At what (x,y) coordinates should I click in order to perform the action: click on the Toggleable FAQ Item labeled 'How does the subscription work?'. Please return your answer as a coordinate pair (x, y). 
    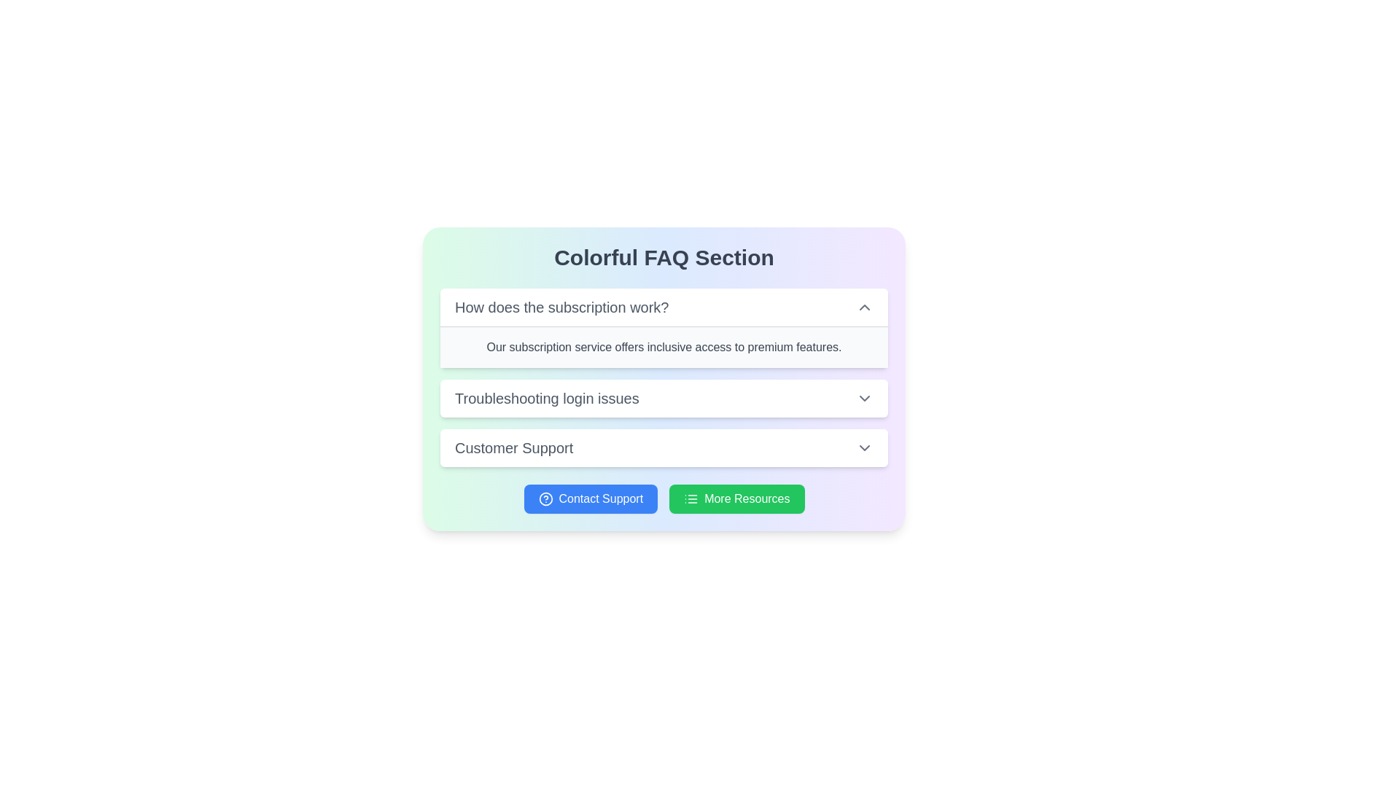
    Looking at the image, I should click on (664, 306).